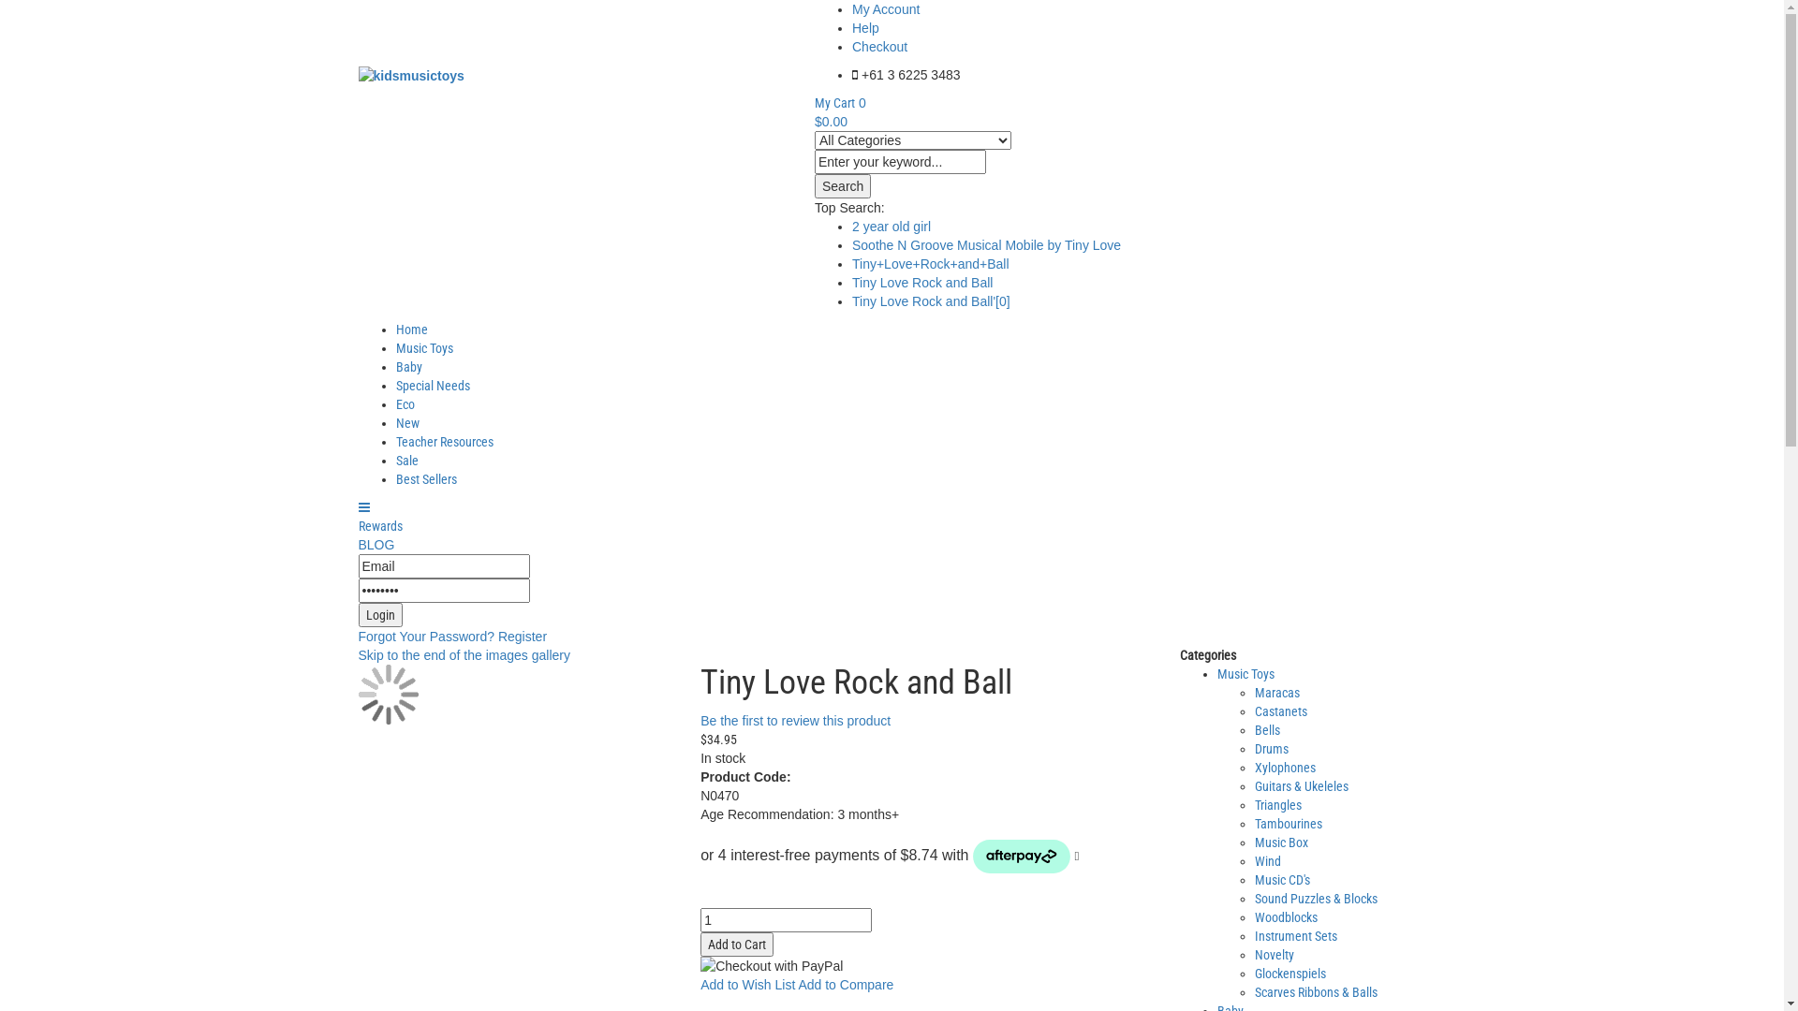 Image resolution: width=1798 pixels, height=1011 pixels. Describe the element at coordinates (425, 635) in the screenshot. I see `'Forgot Your Password?'` at that location.